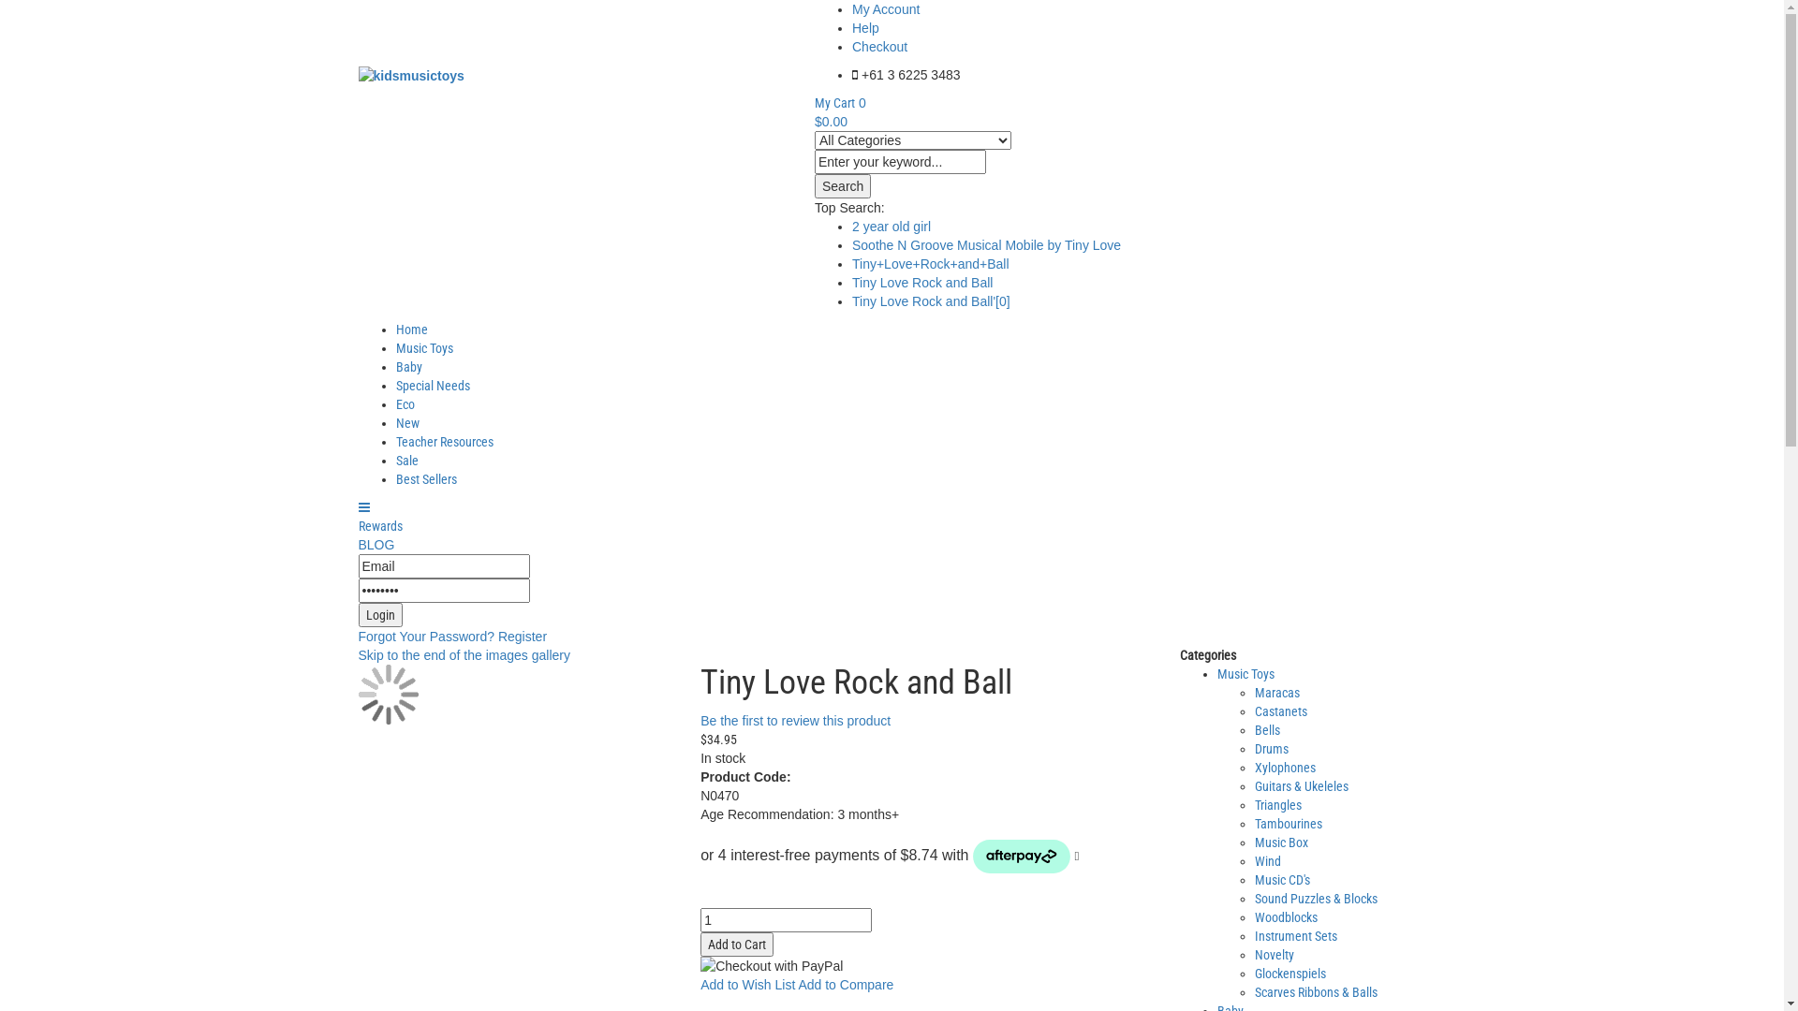 Image resolution: width=1798 pixels, height=1011 pixels. Describe the element at coordinates (425, 635) in the screenshot. I see `'Forgot Your Password?'` at that location.